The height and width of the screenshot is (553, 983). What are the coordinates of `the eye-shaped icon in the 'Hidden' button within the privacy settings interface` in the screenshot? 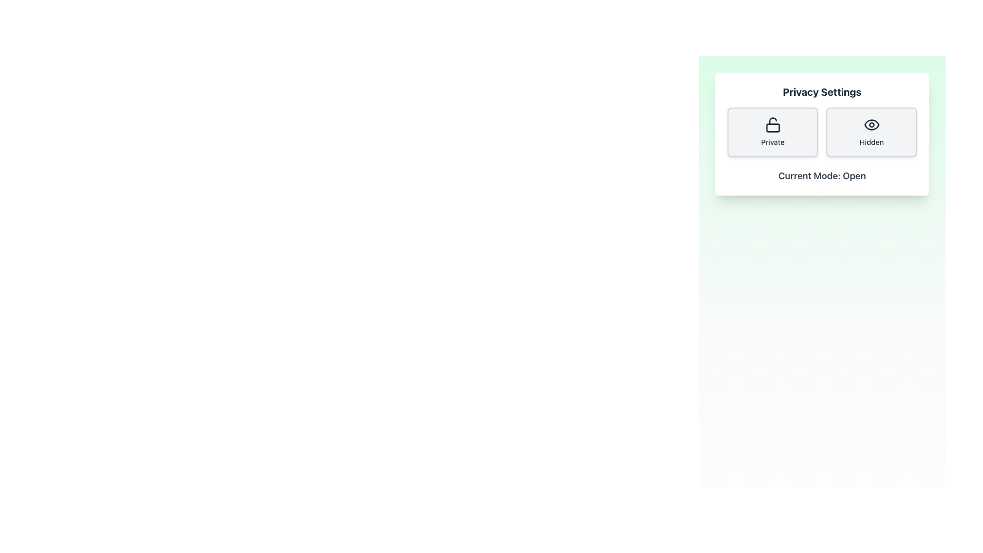 It's located at (871, 124).